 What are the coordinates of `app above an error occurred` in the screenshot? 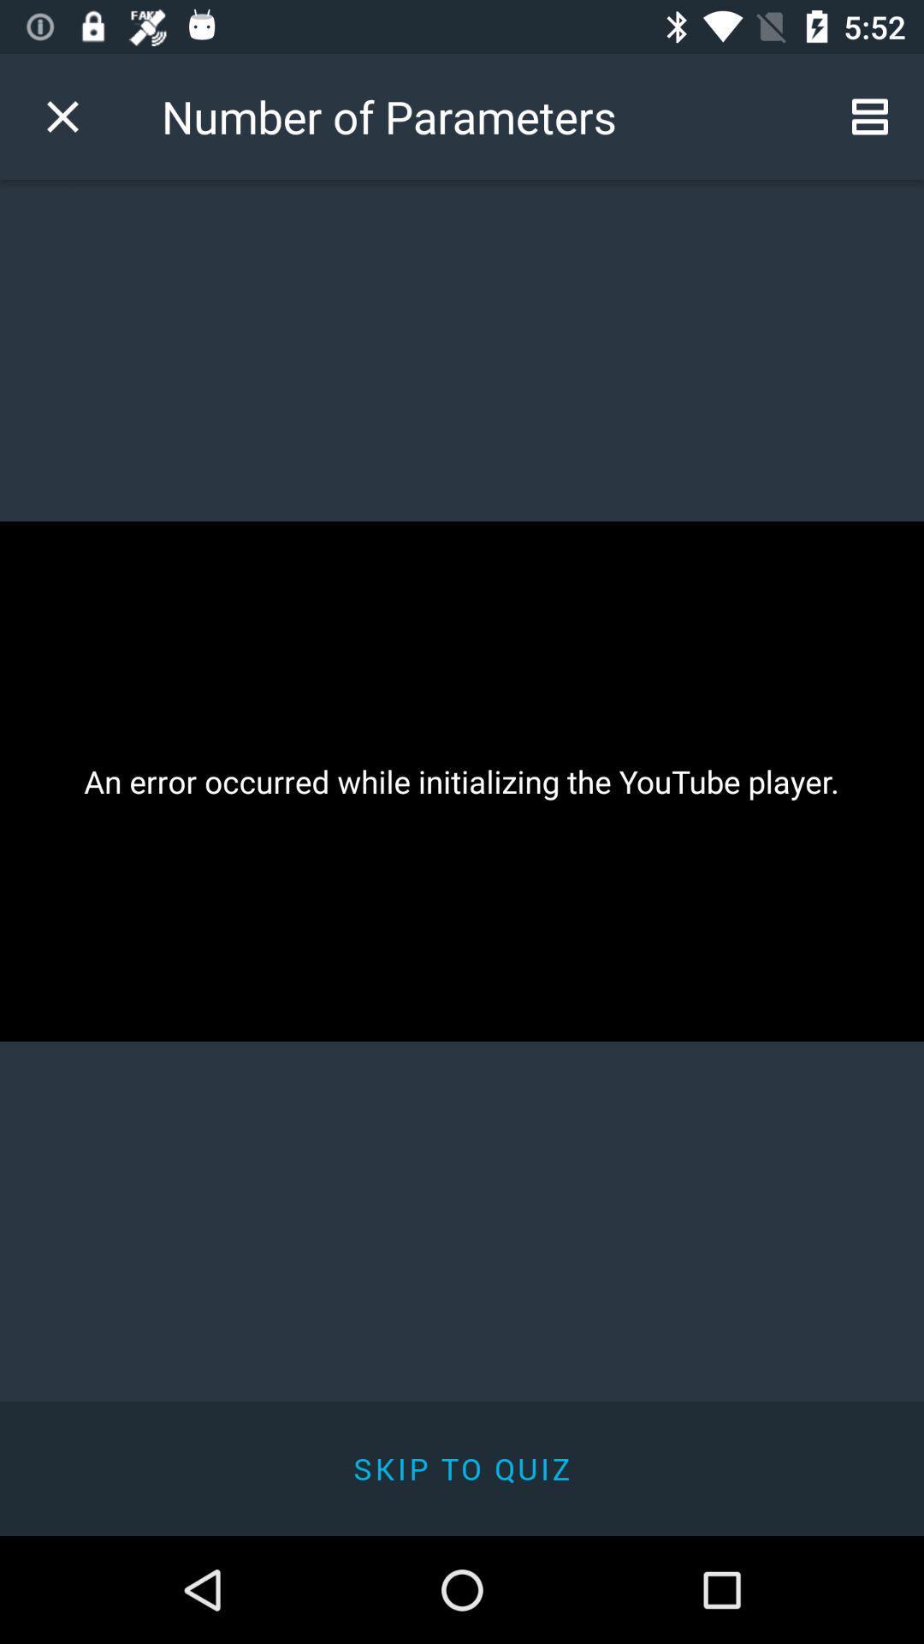 It's located at (62, 116).